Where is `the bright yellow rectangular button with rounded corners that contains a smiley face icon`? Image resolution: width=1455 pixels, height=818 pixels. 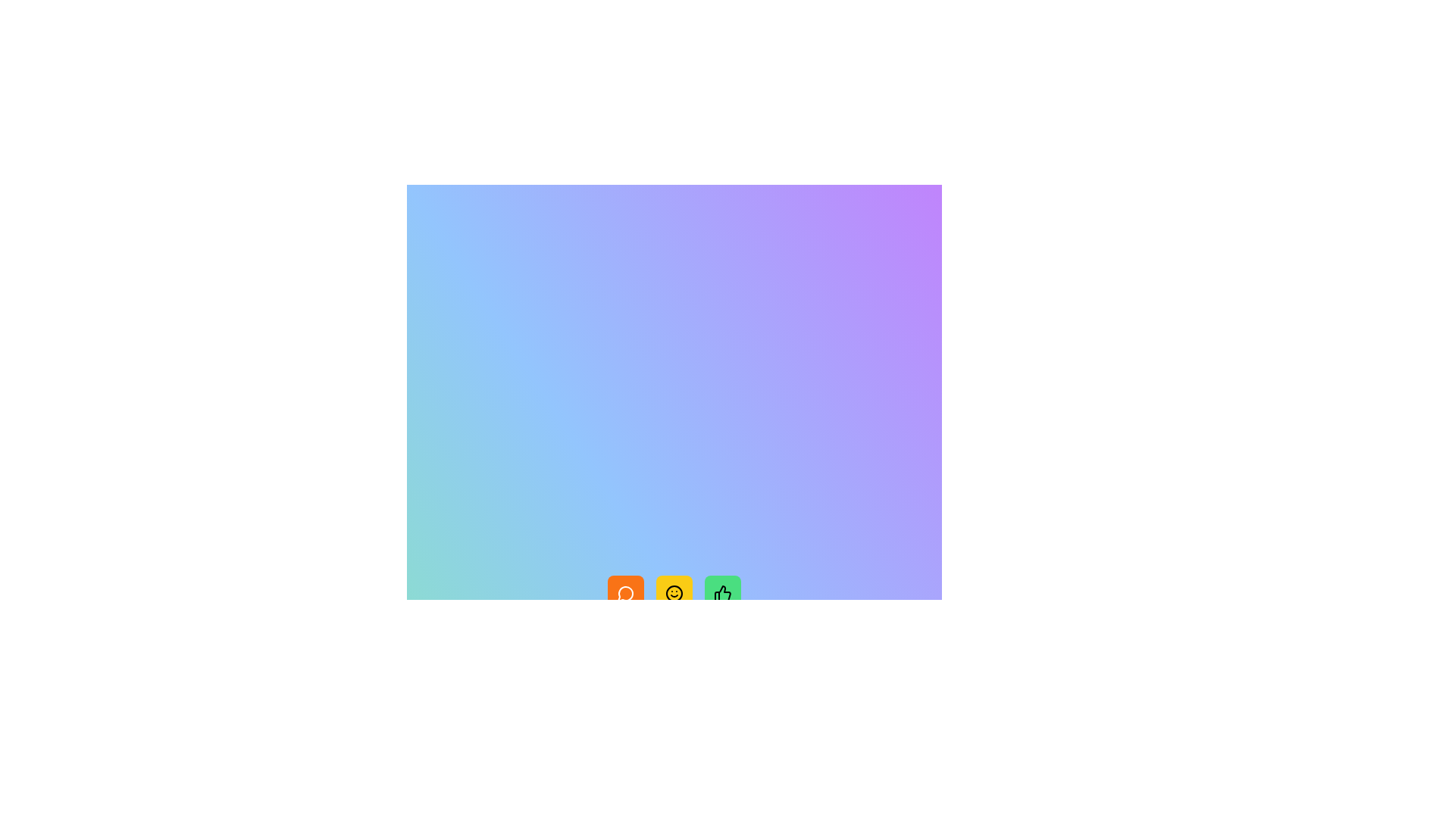 the bright yellow rectangular button with rounded corners that contains a smiley face icon is located at coordinates (673, 592).